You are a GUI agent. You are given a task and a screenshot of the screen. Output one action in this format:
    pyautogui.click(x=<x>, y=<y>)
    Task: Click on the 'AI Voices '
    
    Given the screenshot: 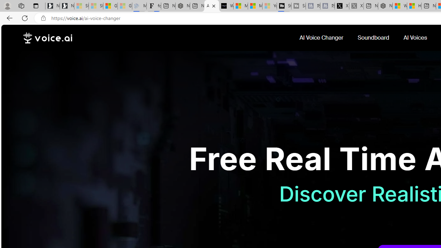 What is the action you would take?
    pyautogui.click(x=416, y=38)
    